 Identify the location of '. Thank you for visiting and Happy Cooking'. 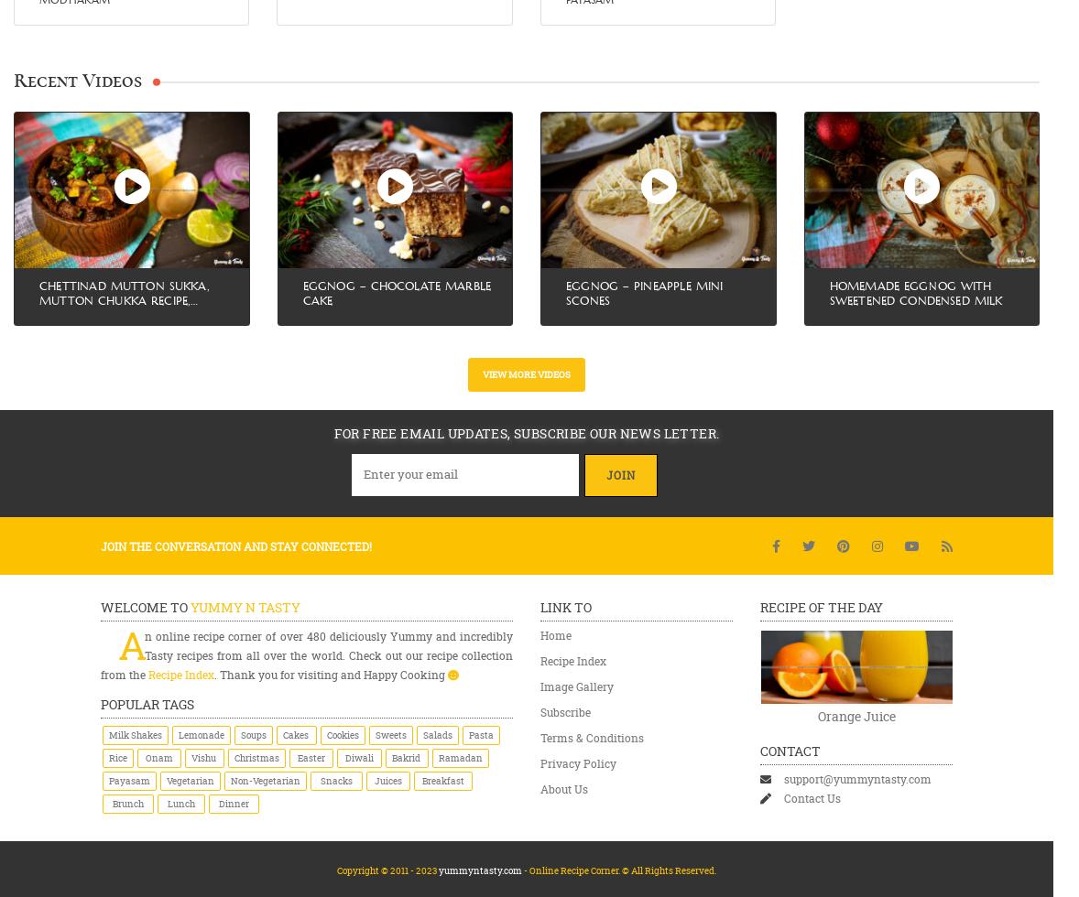
(331, 674).